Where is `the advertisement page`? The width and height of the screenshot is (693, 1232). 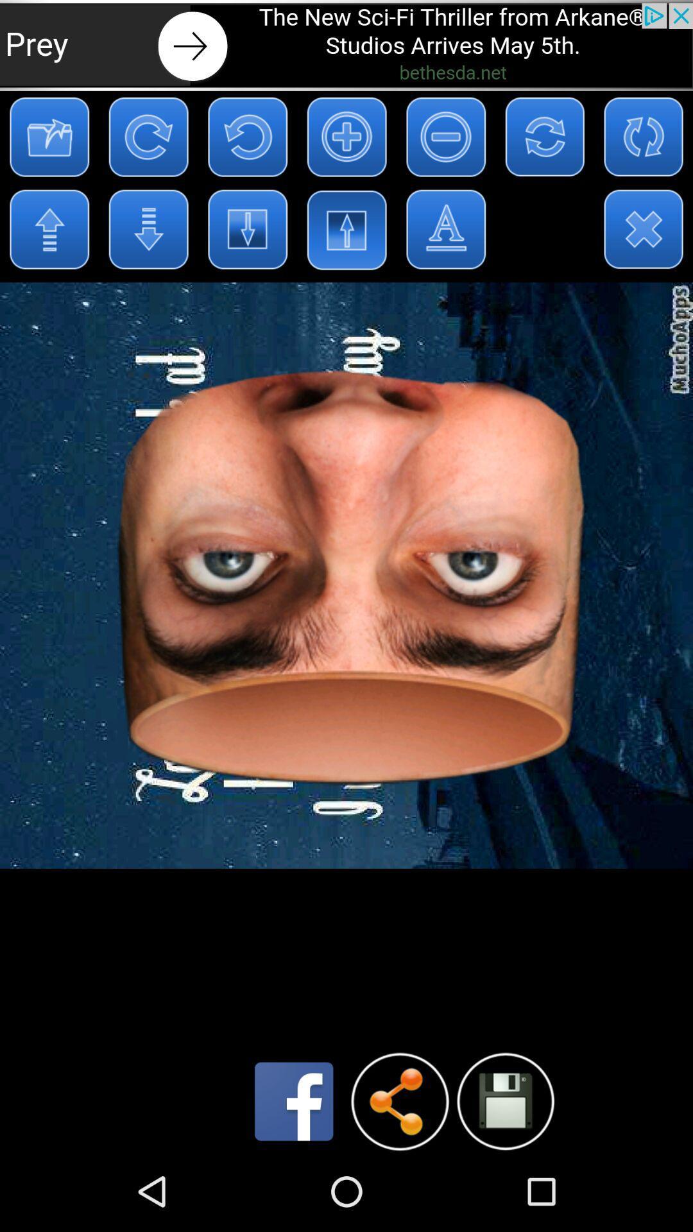 the advertisement page is located at coordinates (346, 45).